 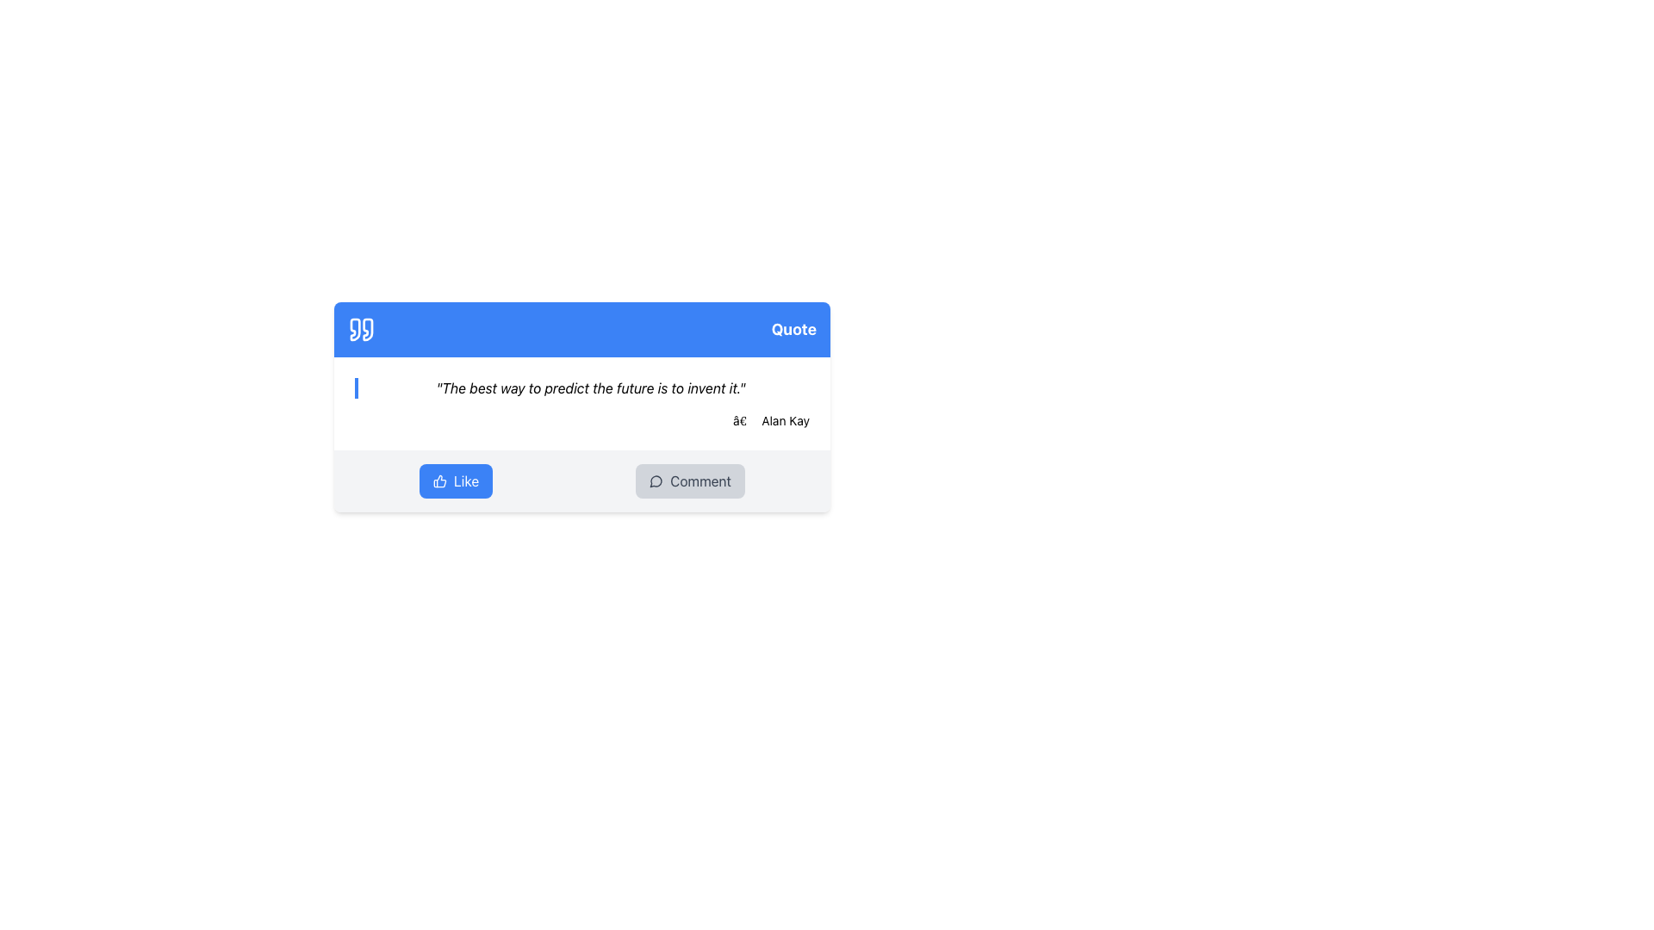 I want to click on the 'Comment' icon which is an SVG graphic located to the left of the text 'Comment' within the 'Comment' button at the bottom right part of the card, so click(x=656, y=481).